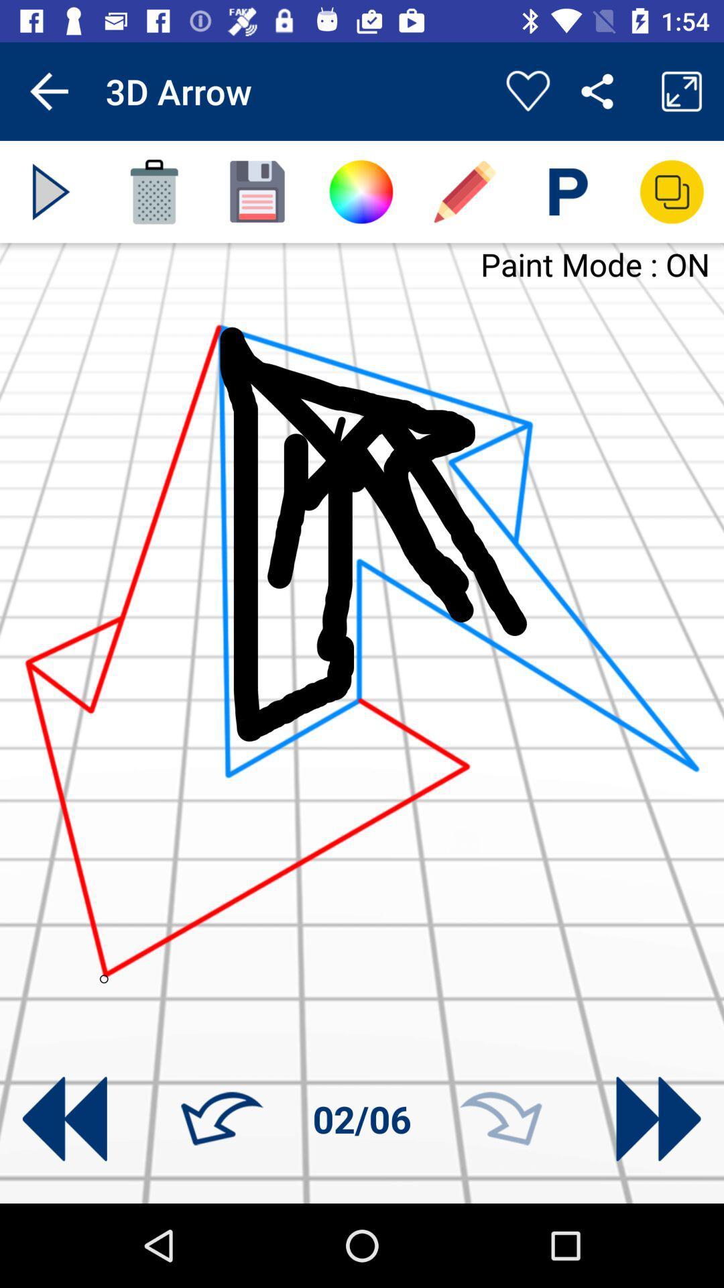  Describe the element at coordinates (464, 191) in the screenshot. I see `draw` at that location.